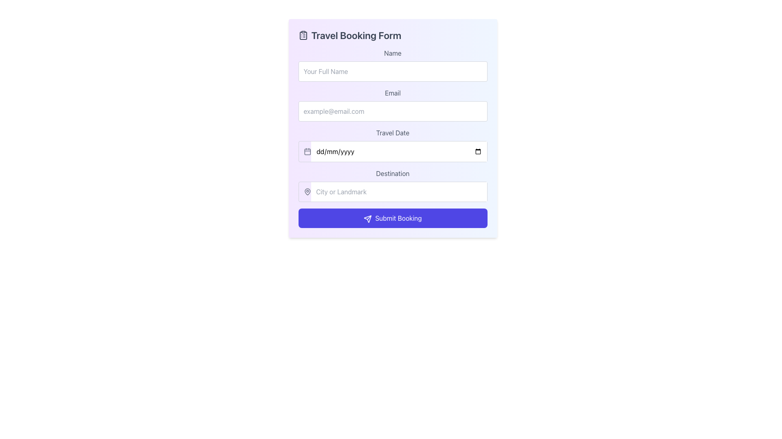  Describe the element at coordinates (307, 152) in the screenshot. I see `the decorative graphic element of the calendar icon located adjacent to the 'Travel Date' text label` at that location.